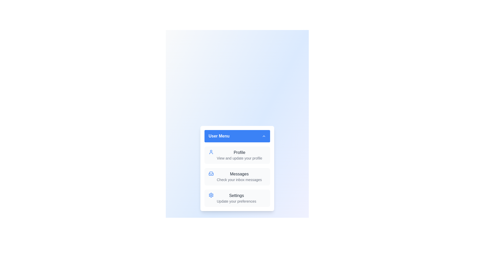 This screenshot has width=492, height=277. What do you see at coordinates (237, 136) in the screenshot?
I see `the 'User Menu' button to toggle the menu open or closed` at bounding box center [237, 136].